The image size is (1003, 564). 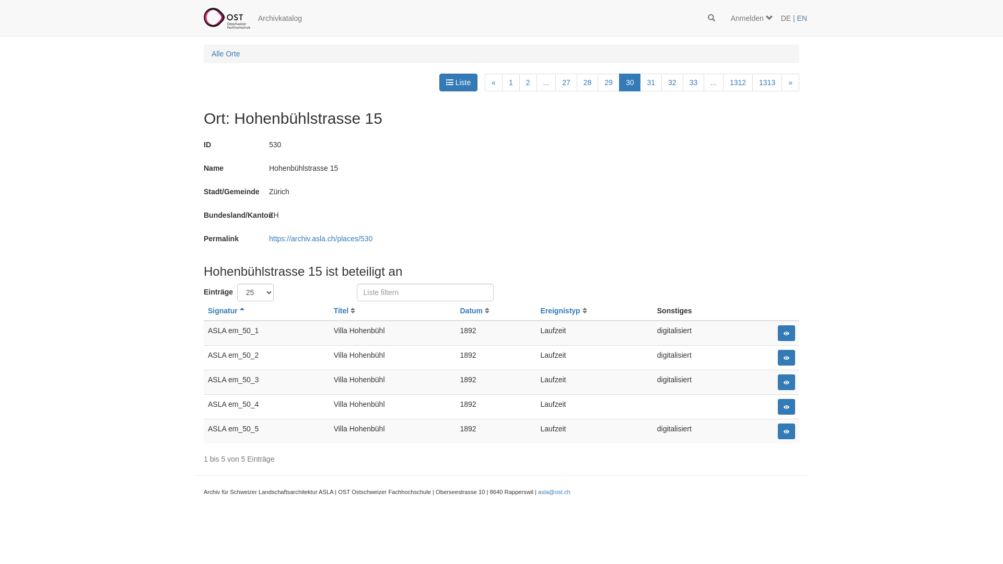 What do you see at coordinates (786, 357) in the screenshot?
I see `'Detail'` at bounding box center [786, 357].